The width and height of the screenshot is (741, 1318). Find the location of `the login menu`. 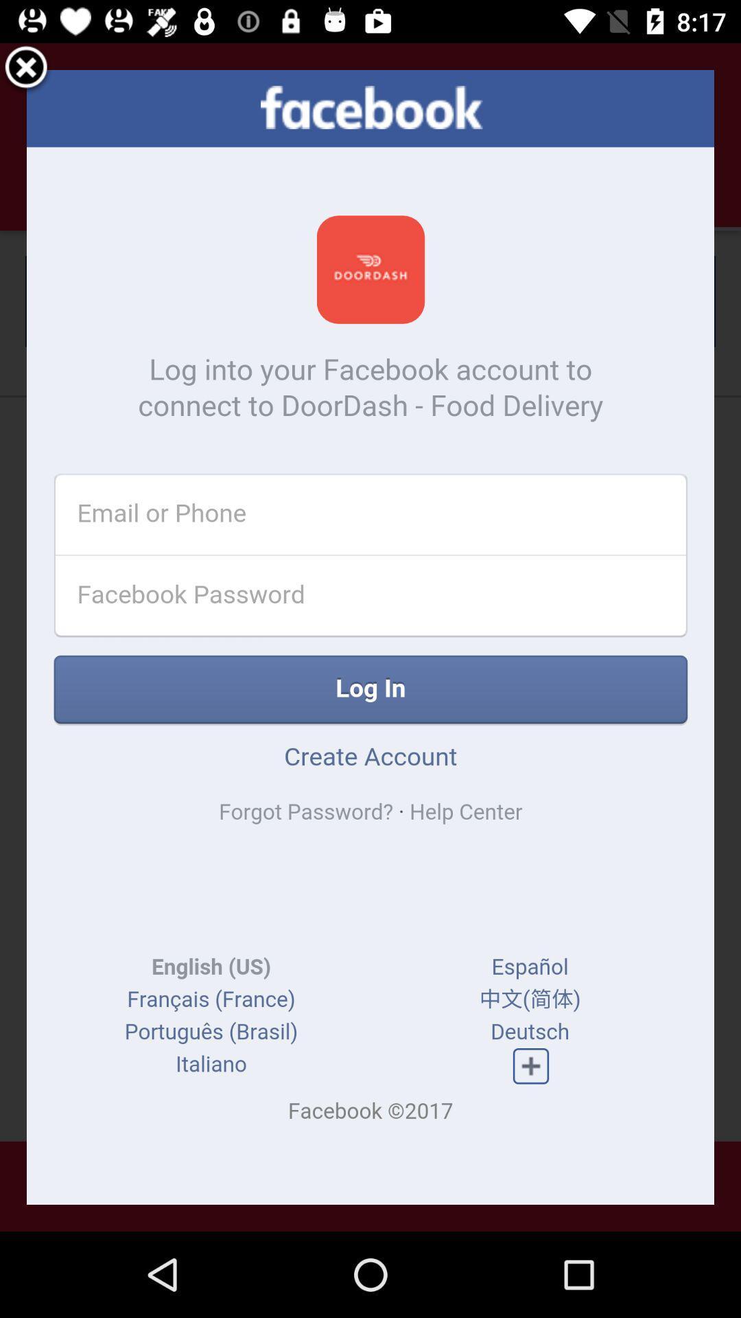

the login menu is located at coordinates (26, 69).